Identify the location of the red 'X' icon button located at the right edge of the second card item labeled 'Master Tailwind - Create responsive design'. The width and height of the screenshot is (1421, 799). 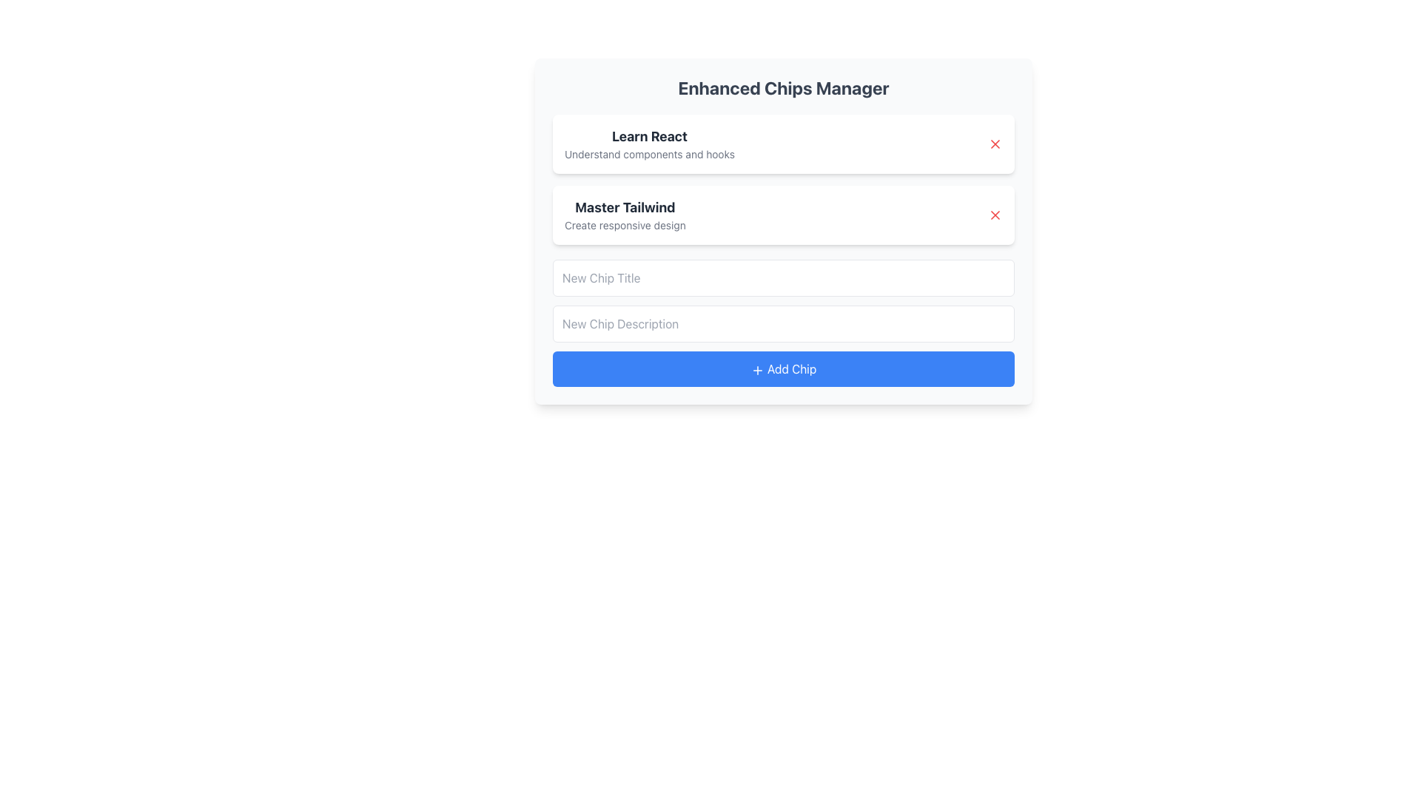
(995, 215).